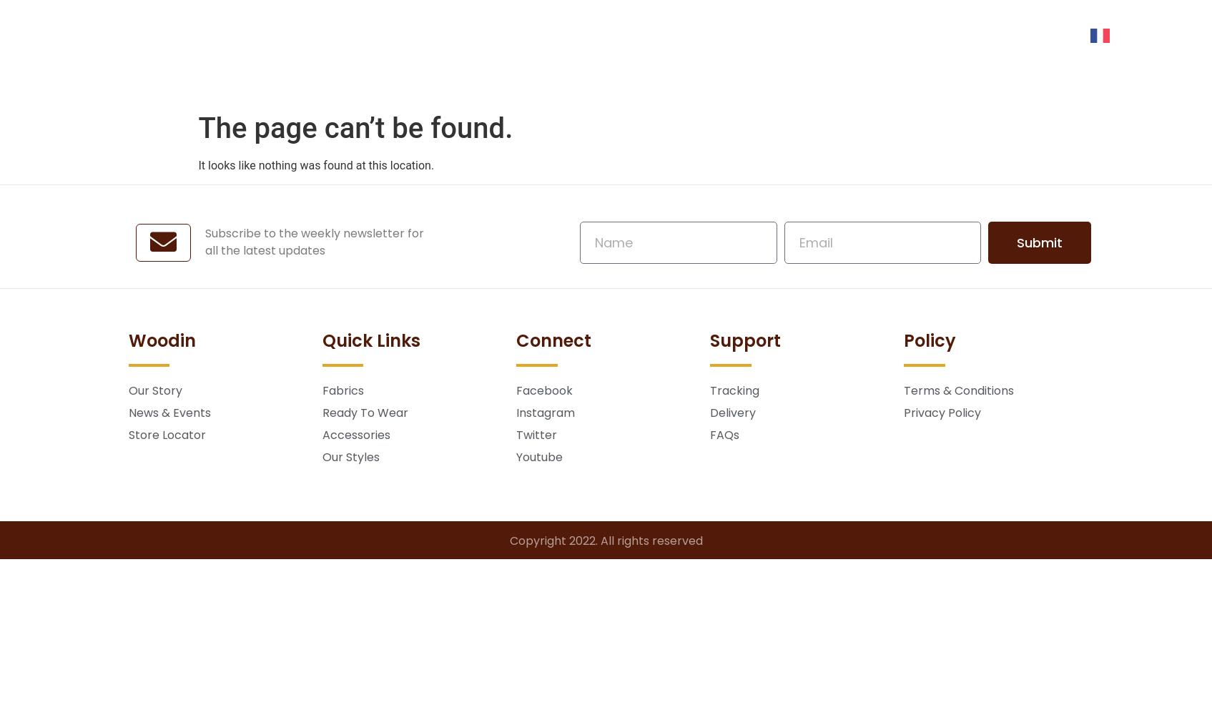 The height and width of the screenshot is (715, 1212). What do you see at coordinates (744, 340) in the screenshot?
I see `'Support'` at bounding box center [744, 340].